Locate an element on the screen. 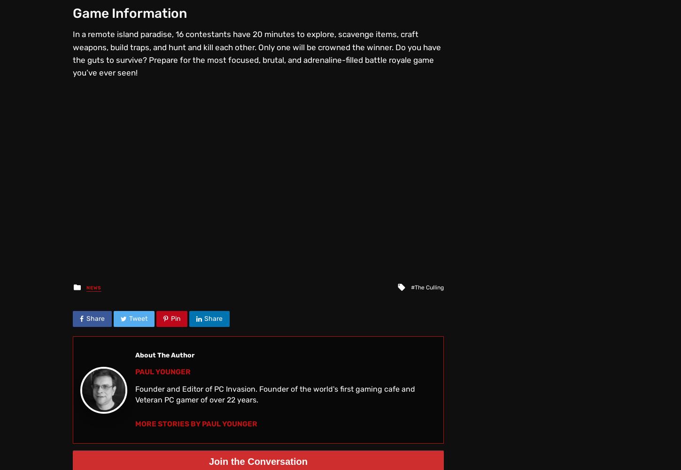  'News' is located at coordinates (86, 287).